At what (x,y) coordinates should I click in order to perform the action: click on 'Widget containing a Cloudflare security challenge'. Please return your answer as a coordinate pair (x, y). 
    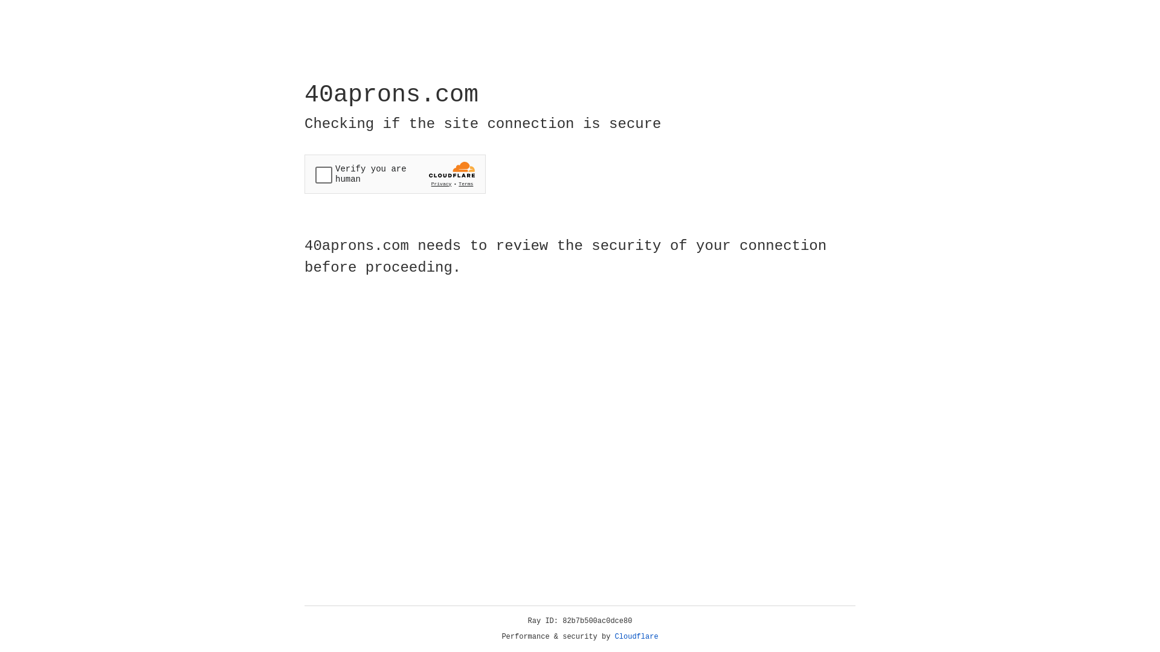
    Looking at the image, I should click on (395, 174).